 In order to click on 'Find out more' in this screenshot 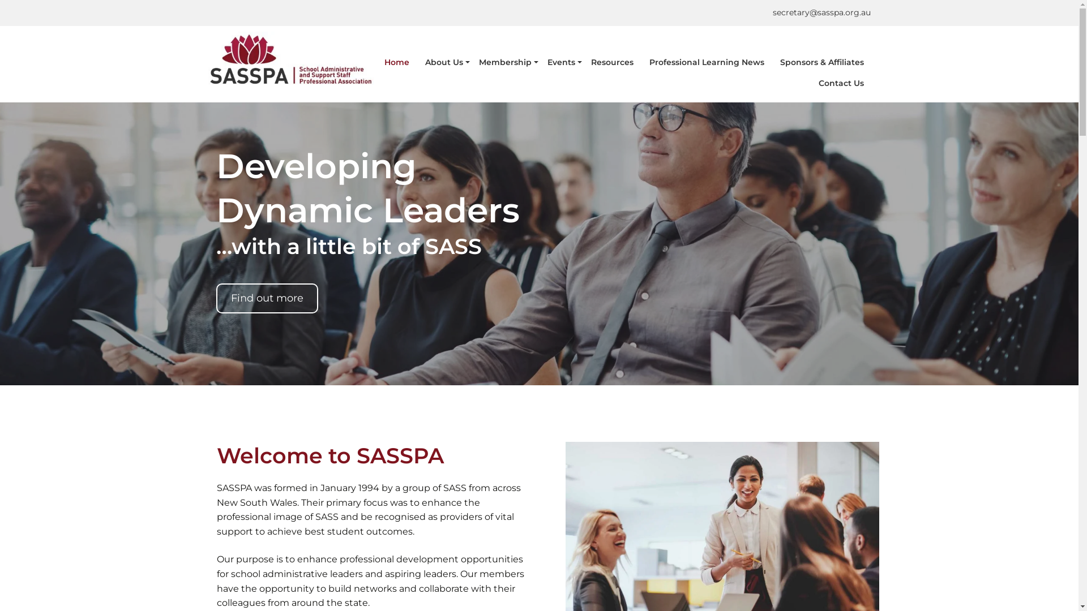, I will do `click(266, 298)`.